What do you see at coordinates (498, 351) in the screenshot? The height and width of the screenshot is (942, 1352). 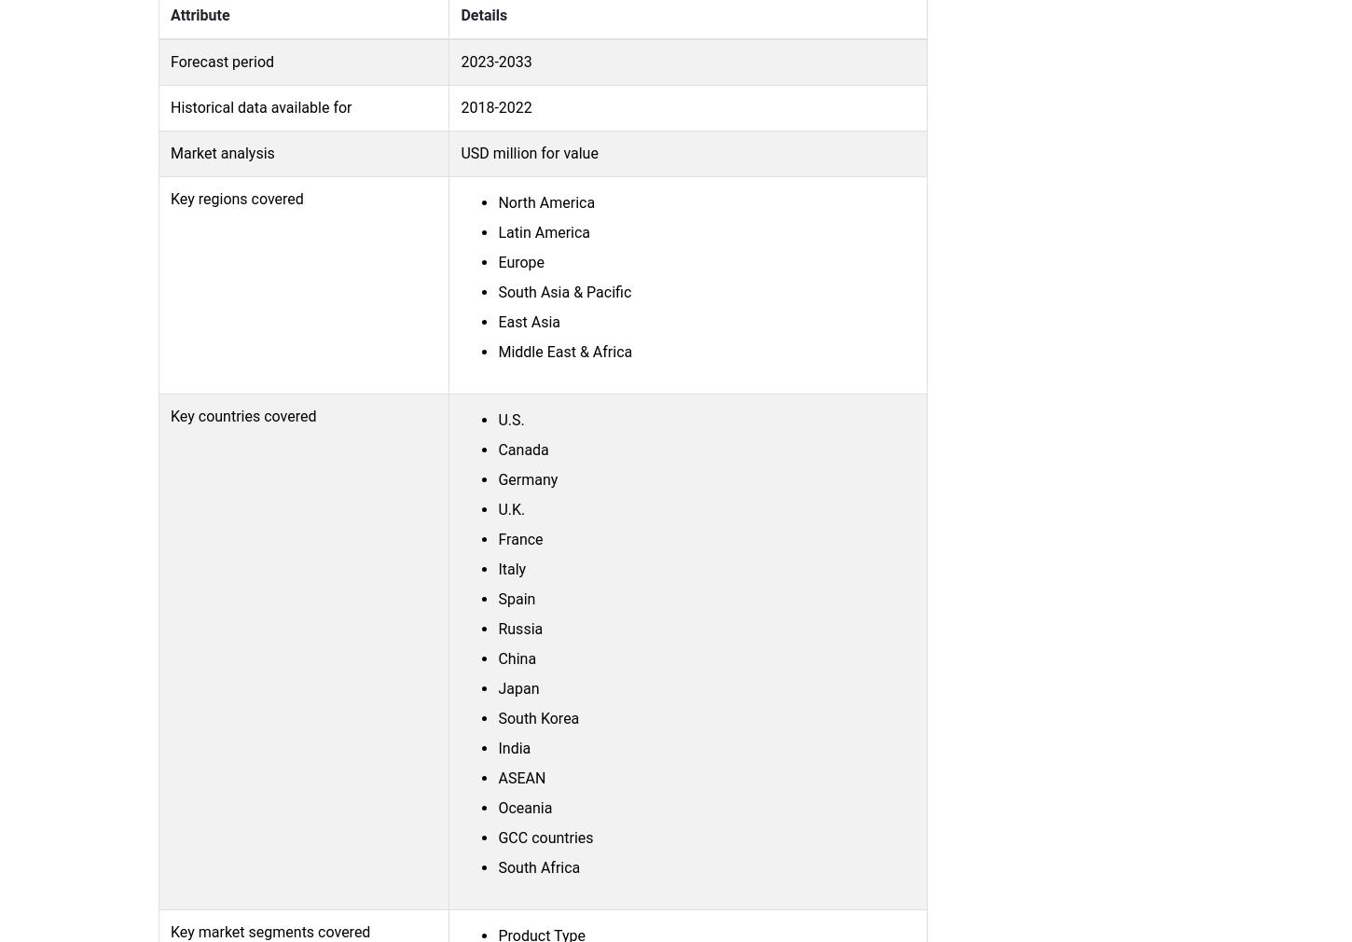 I see `'Middle East & Africa'` at bounding box center [498, 351].